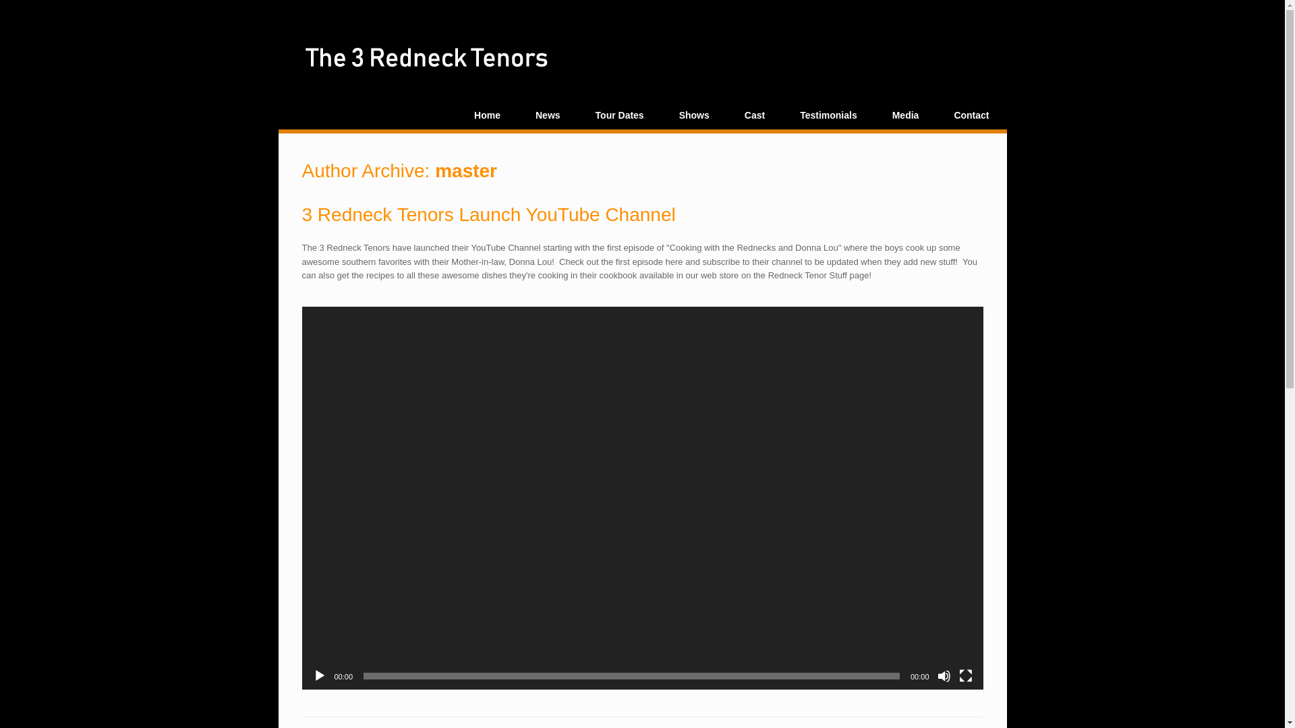  Describe the element at coordinates (694, 114) in the screenshot. I see `'Shows'` at that location.